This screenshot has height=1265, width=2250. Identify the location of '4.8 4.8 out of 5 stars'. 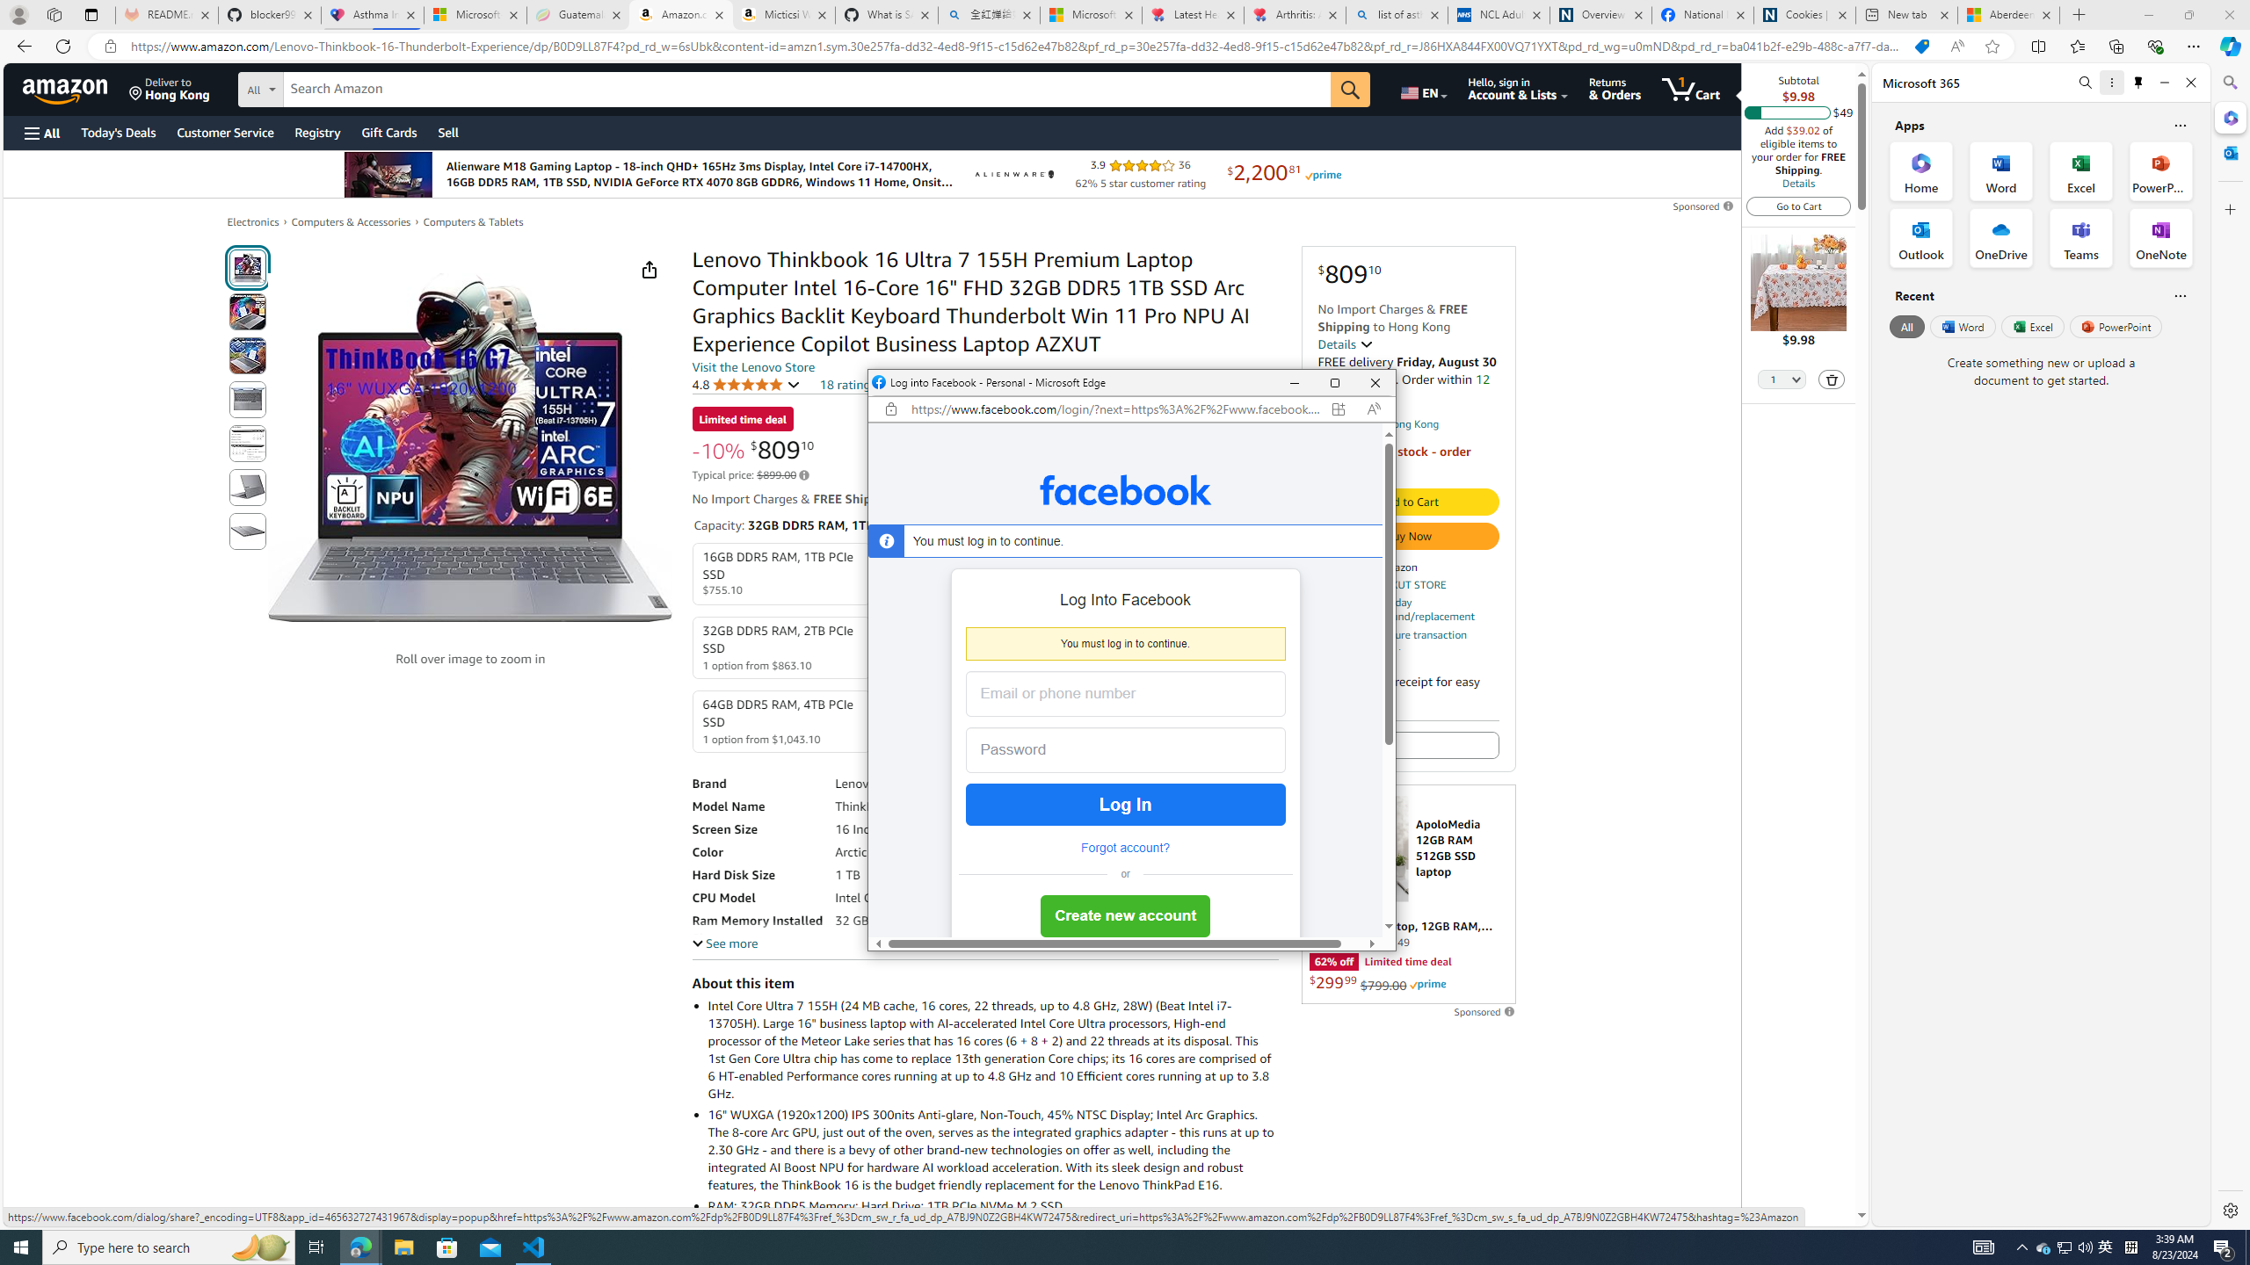
(744, 383).